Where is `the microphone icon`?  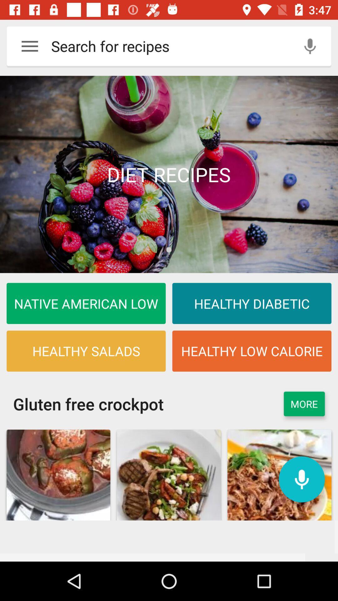
the microphone icon is located at coordinates (301, 479).